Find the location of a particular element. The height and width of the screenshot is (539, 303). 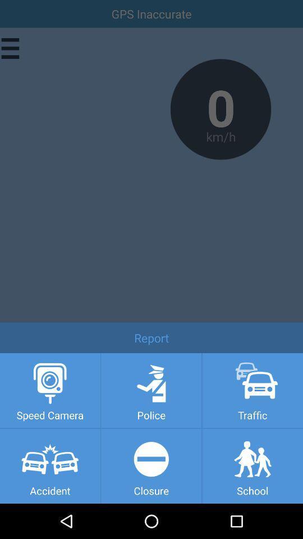

the chat icon is located at coordinates (29, 459).